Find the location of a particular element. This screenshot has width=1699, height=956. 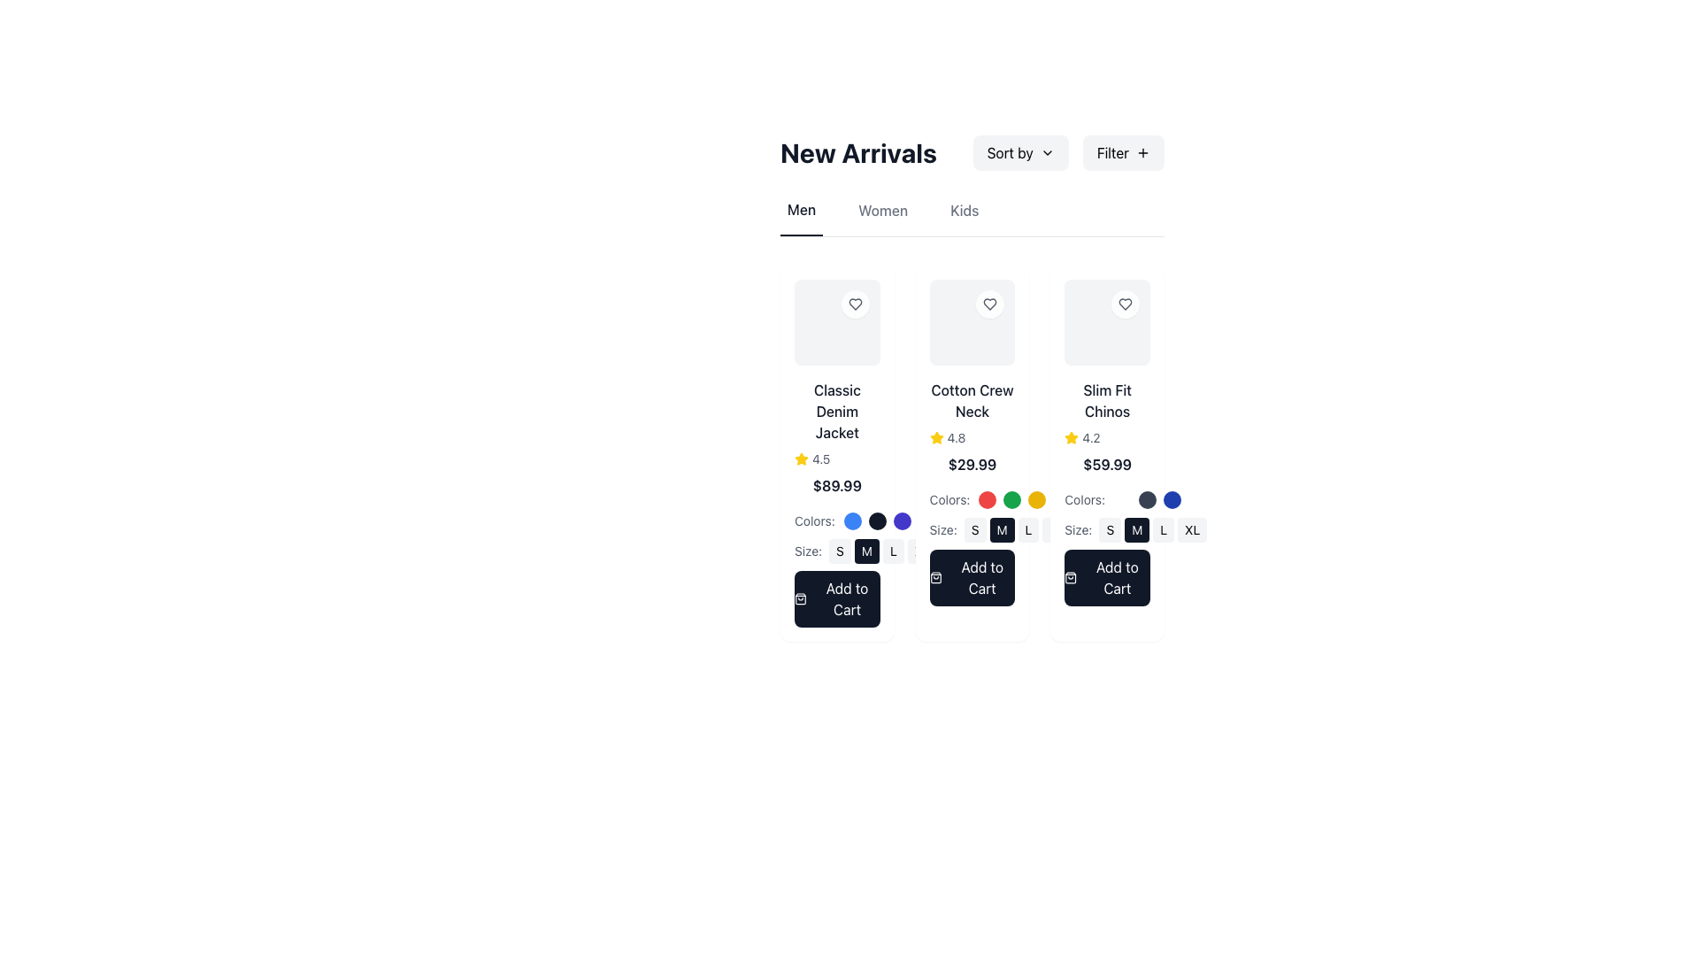

the 'Cotton Crew Neck' text label displayed in bold, medium-sized font is located at coordinates (972, 400).